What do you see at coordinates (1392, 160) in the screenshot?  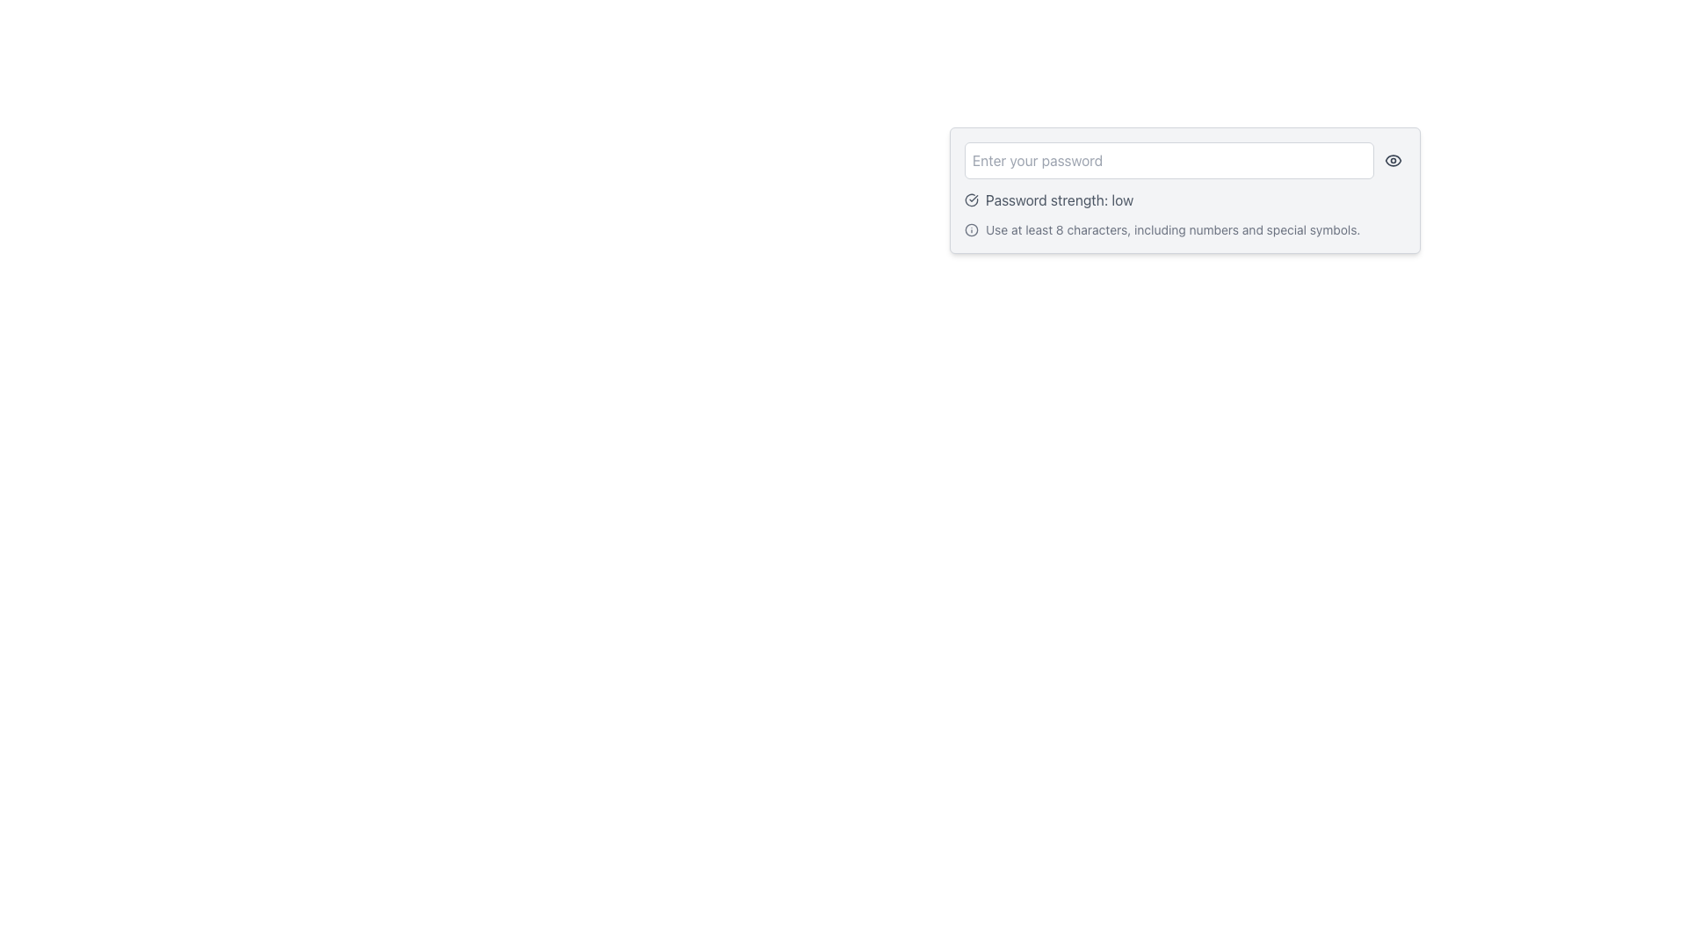 I see `the 'toggle password visibility' button located immediately to the right of the password input field to enhance user convenience during input` at bounding box center [1392, 160].